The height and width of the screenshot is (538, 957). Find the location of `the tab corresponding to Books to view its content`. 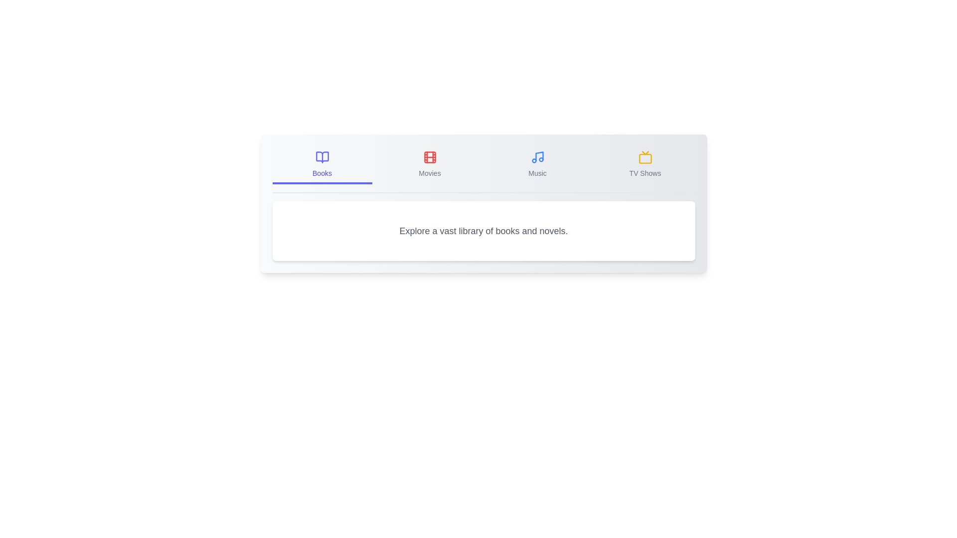

the tab corresponding to Books to view its content is located at coordinates (322, 164).